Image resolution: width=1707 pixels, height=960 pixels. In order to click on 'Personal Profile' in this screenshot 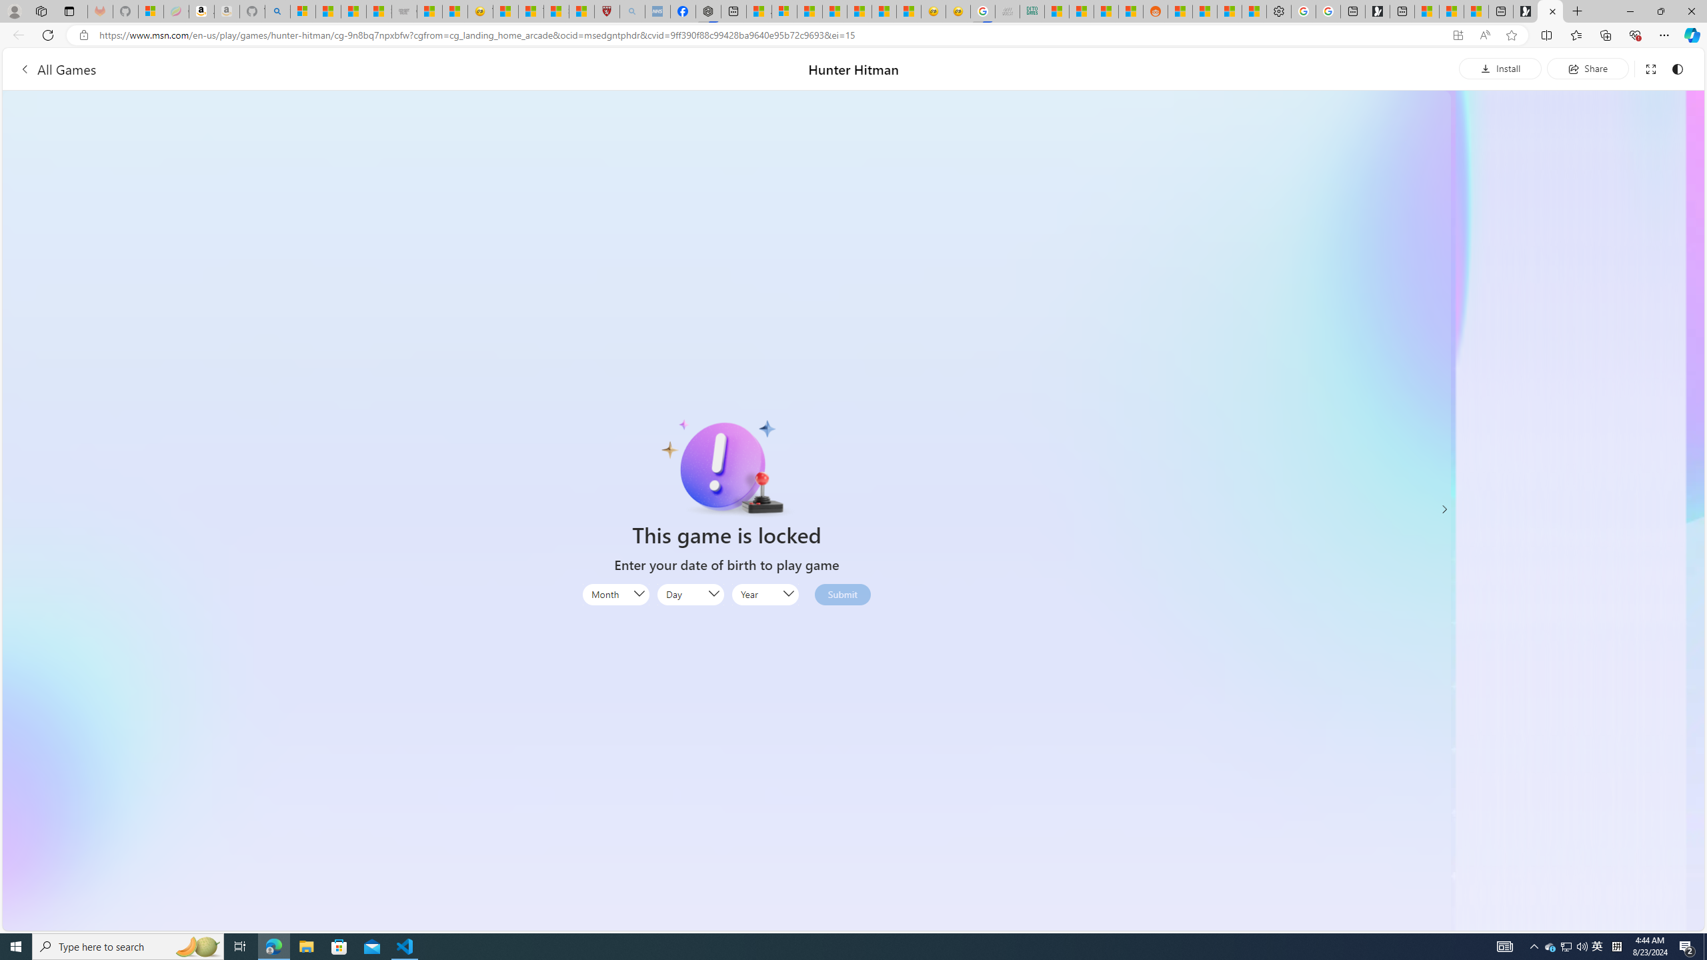, I will do `click(13, 11)`.